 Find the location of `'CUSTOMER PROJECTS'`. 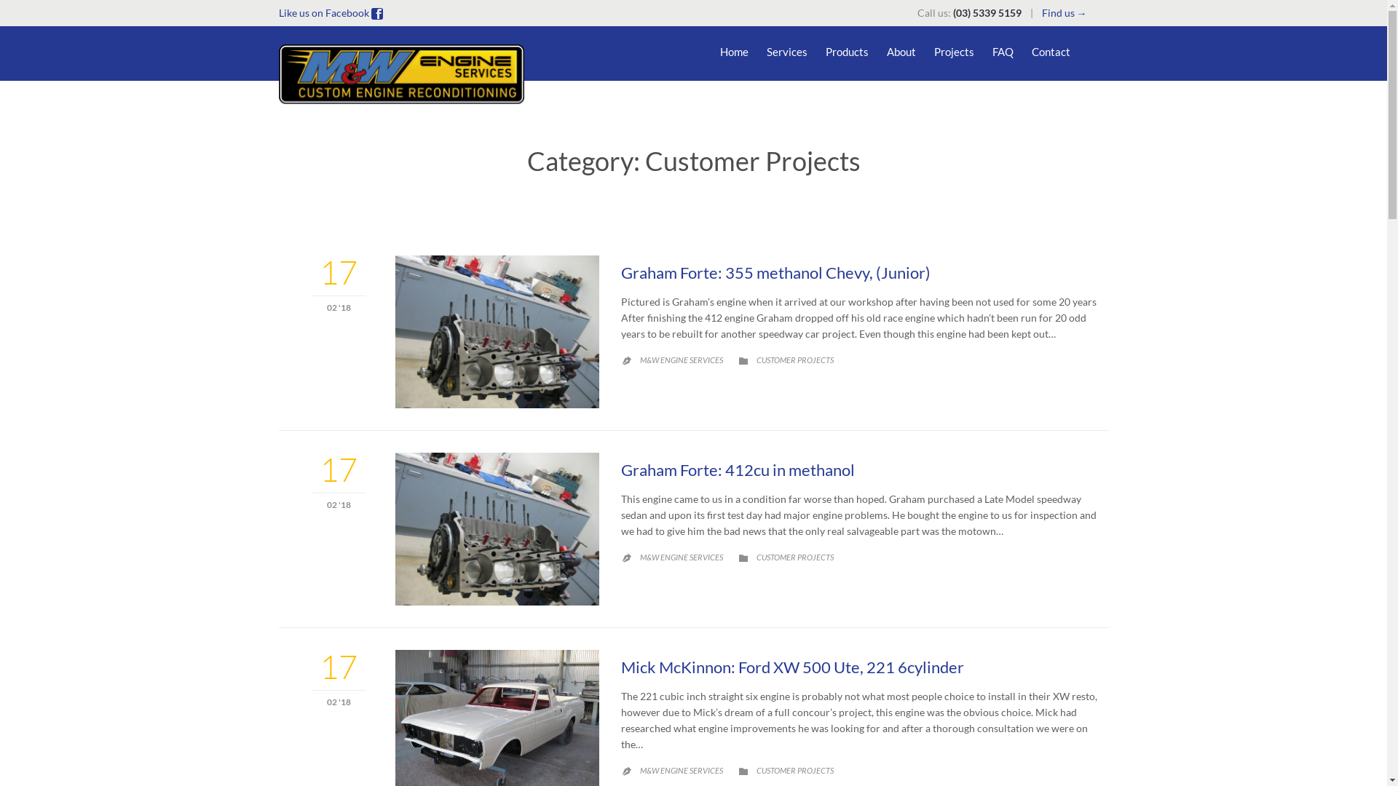

'CUSTOMER PROJECTS' is located at coordinates (793, 360).